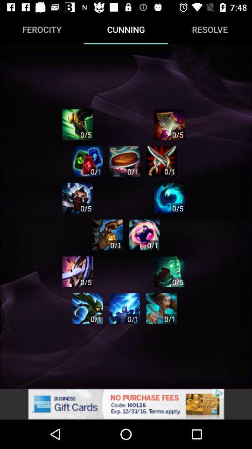  I want to click on new game, so click(161, 308).